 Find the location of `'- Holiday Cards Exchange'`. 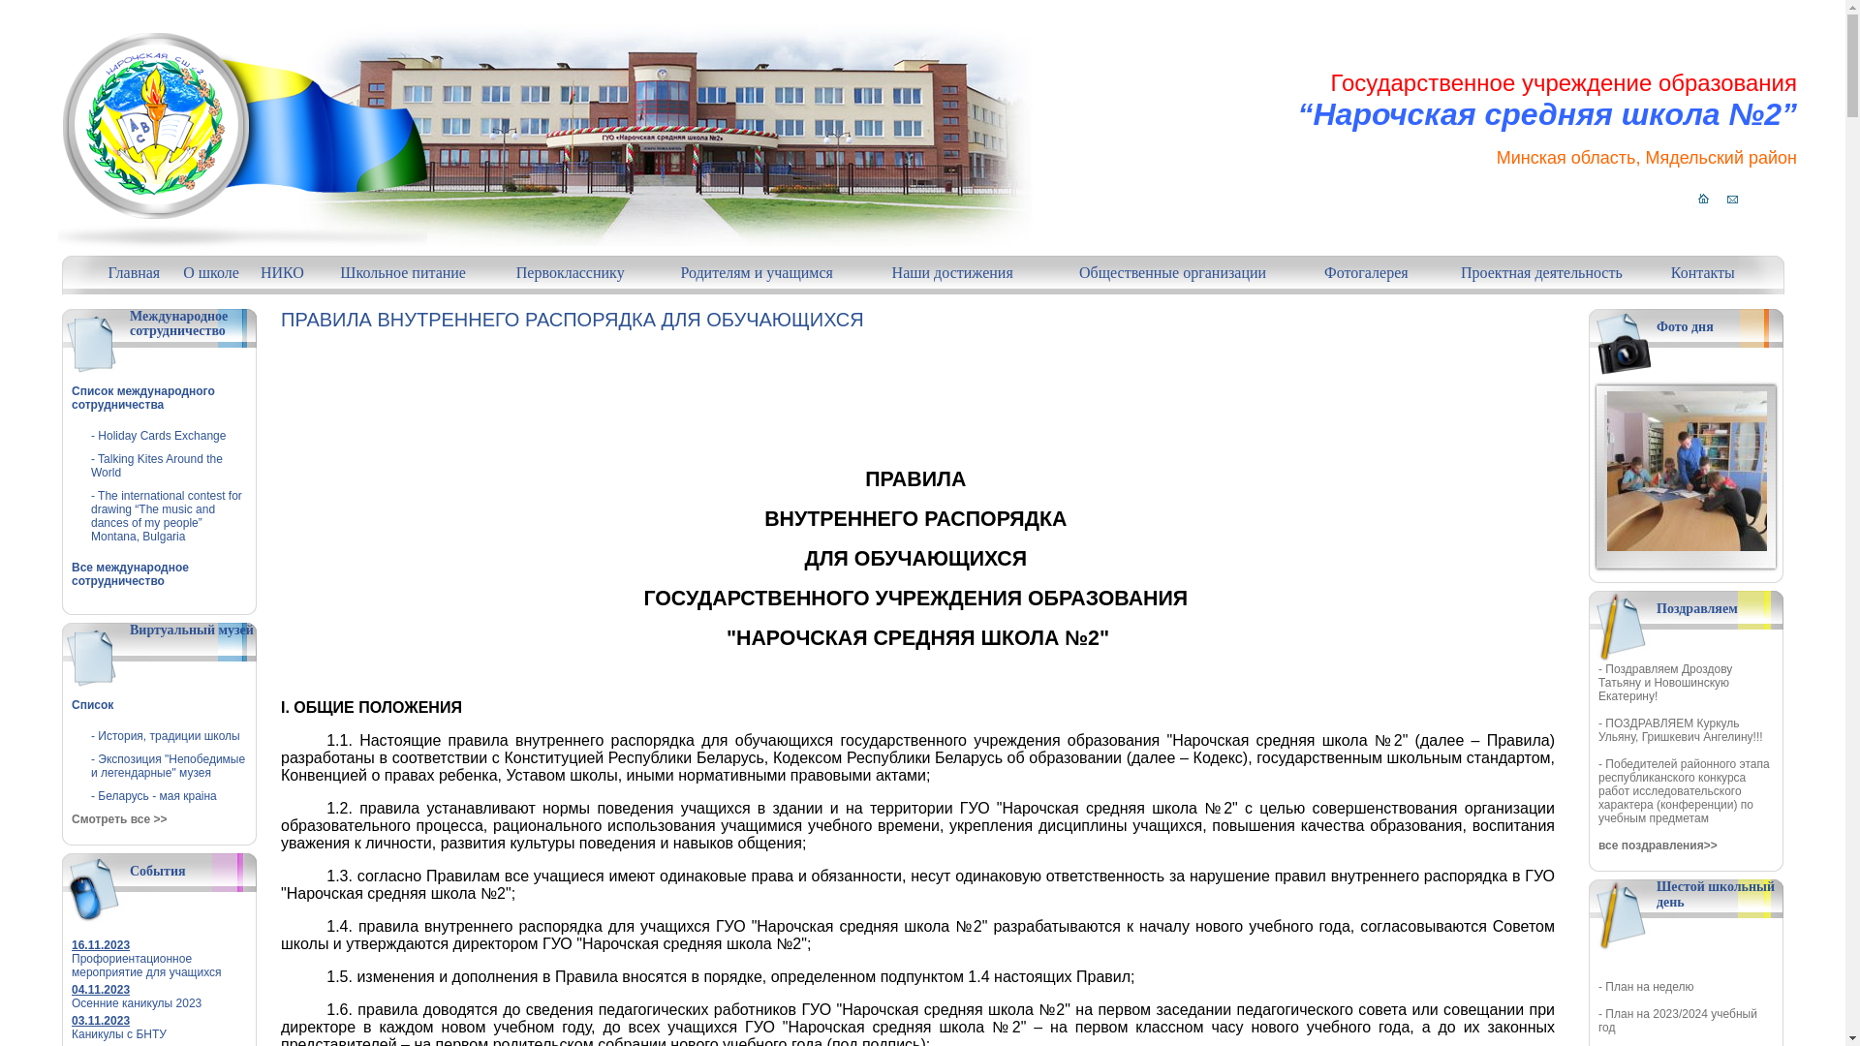

'- Holiday Cards Exchange' is located at coordinates (158, 436).